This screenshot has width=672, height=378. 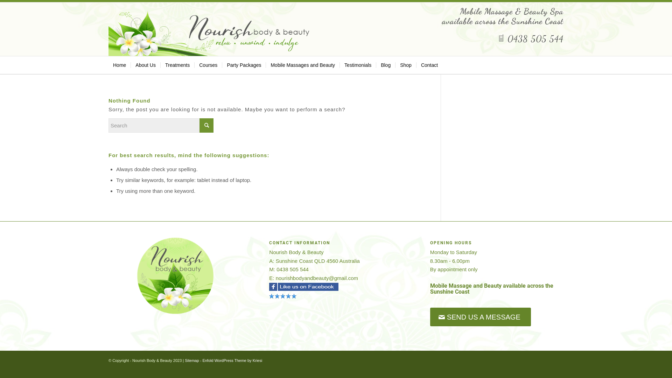 I want to click on 'Home', so click(x=108, y=65).